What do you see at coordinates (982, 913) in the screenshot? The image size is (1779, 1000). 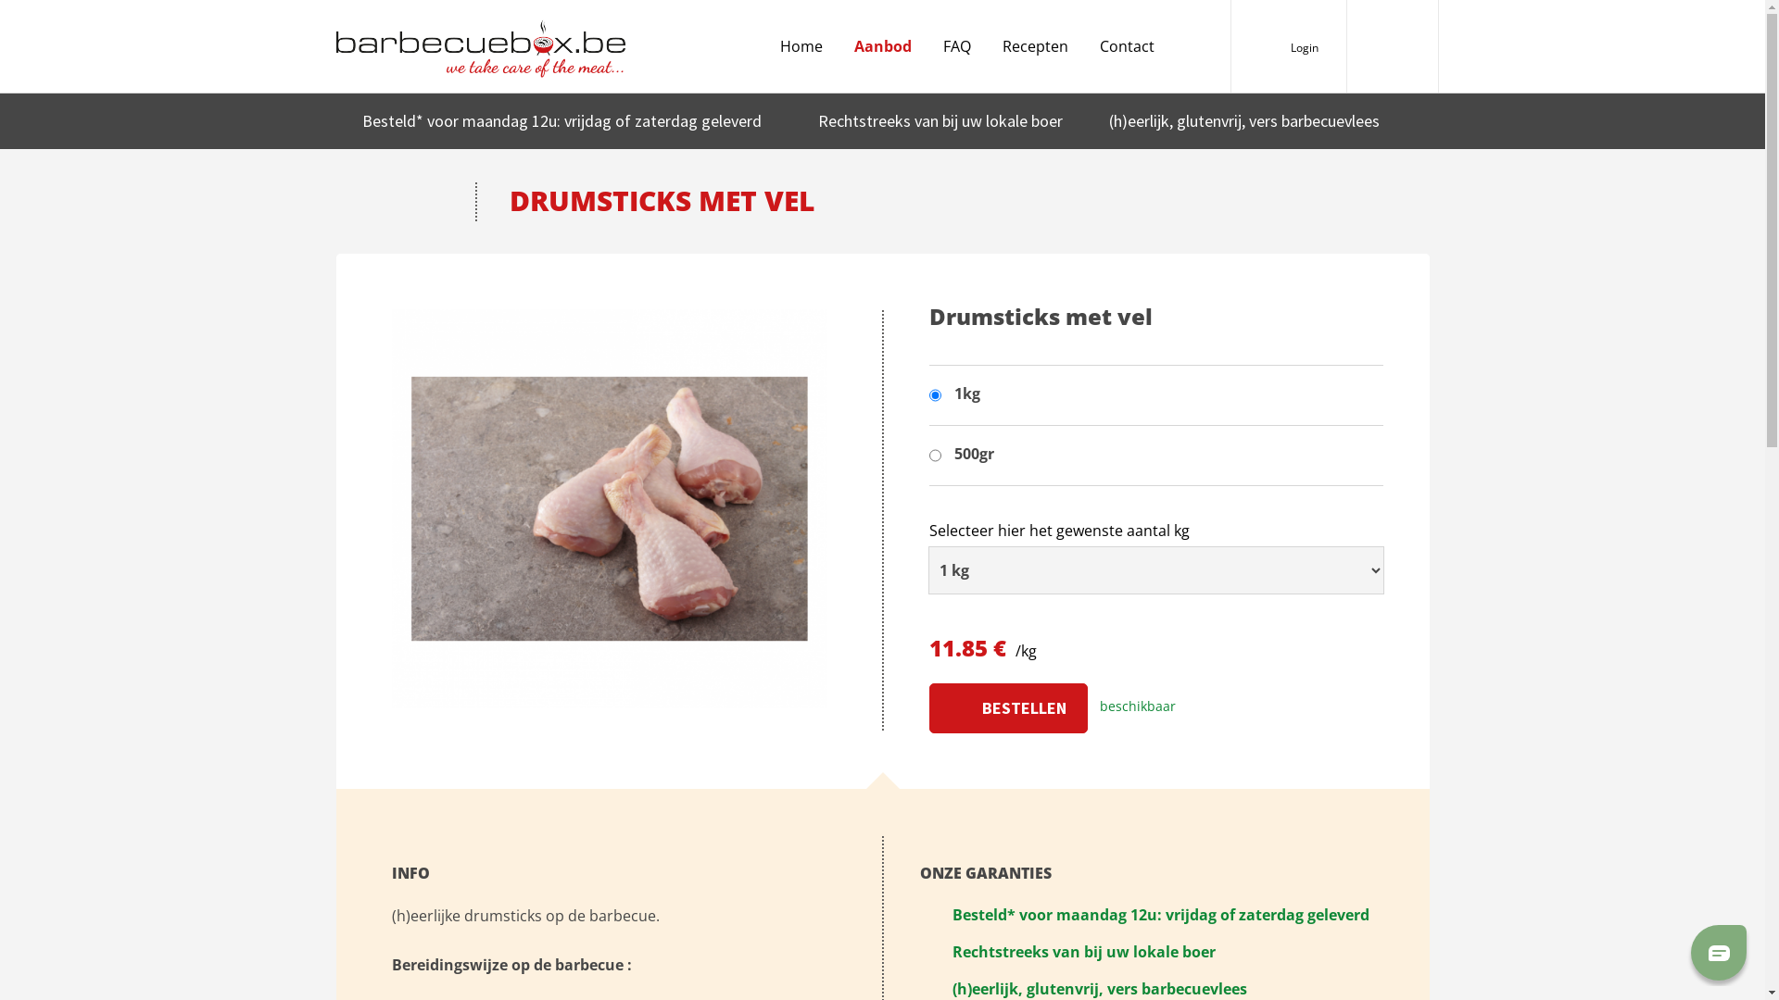 I see `'Besteld*'` at bounding box center [982, 913].